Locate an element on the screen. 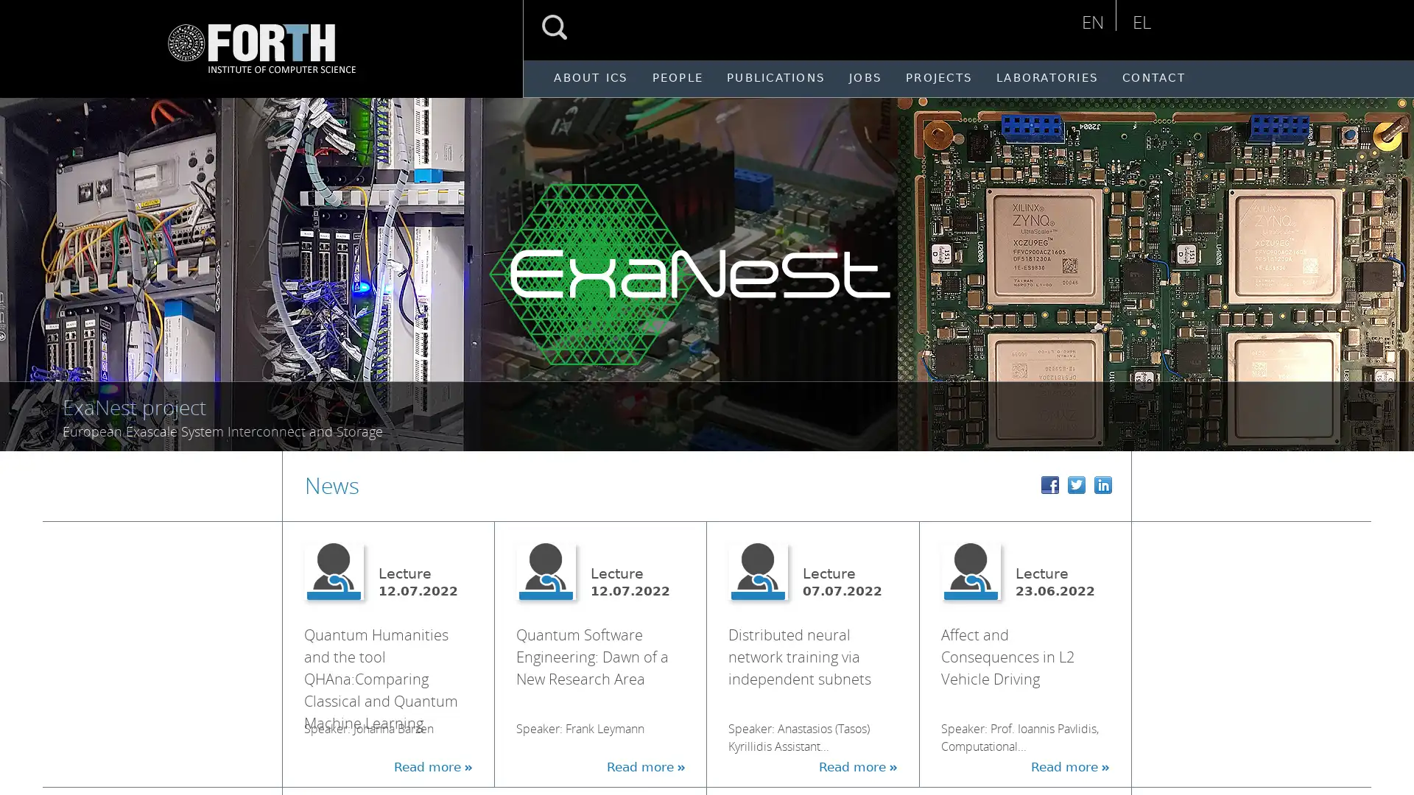 The height and width of the screenshot is (795, 1414). Submit Search Button is located at coordinates (554, 27).